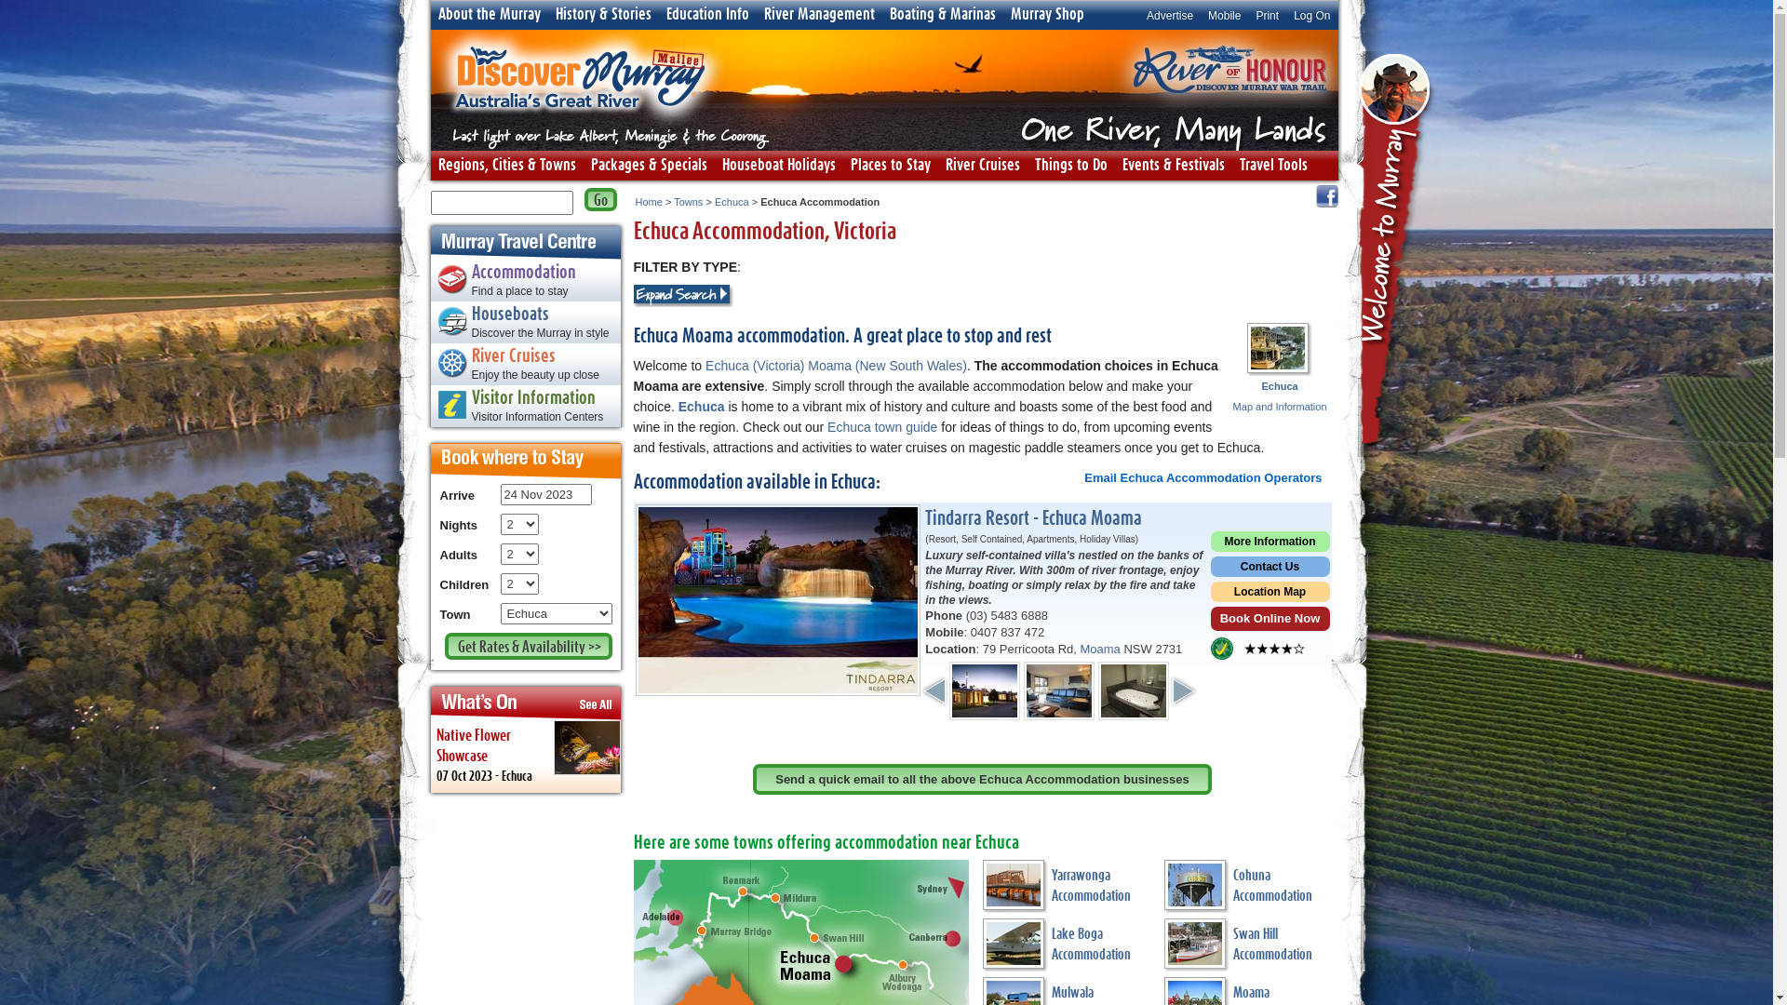  I want to click on 'Regions, Cities & Towns', so click(505, 164).